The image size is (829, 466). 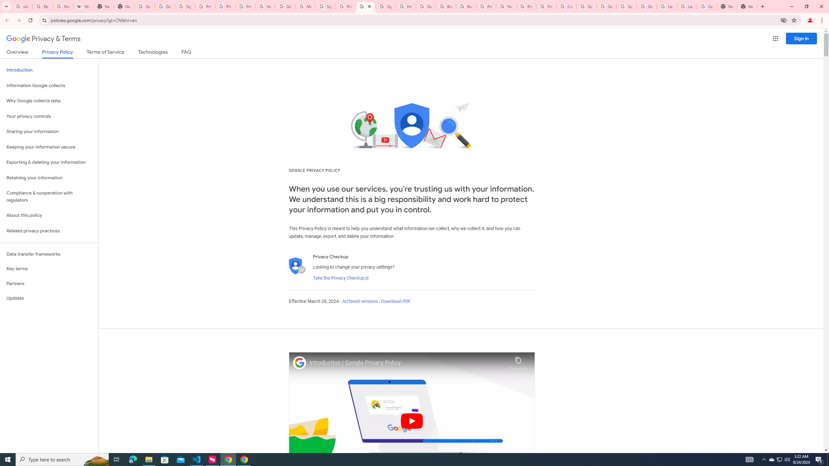 I want to click on 'Create your Google Account', so click(x=566, y=6).